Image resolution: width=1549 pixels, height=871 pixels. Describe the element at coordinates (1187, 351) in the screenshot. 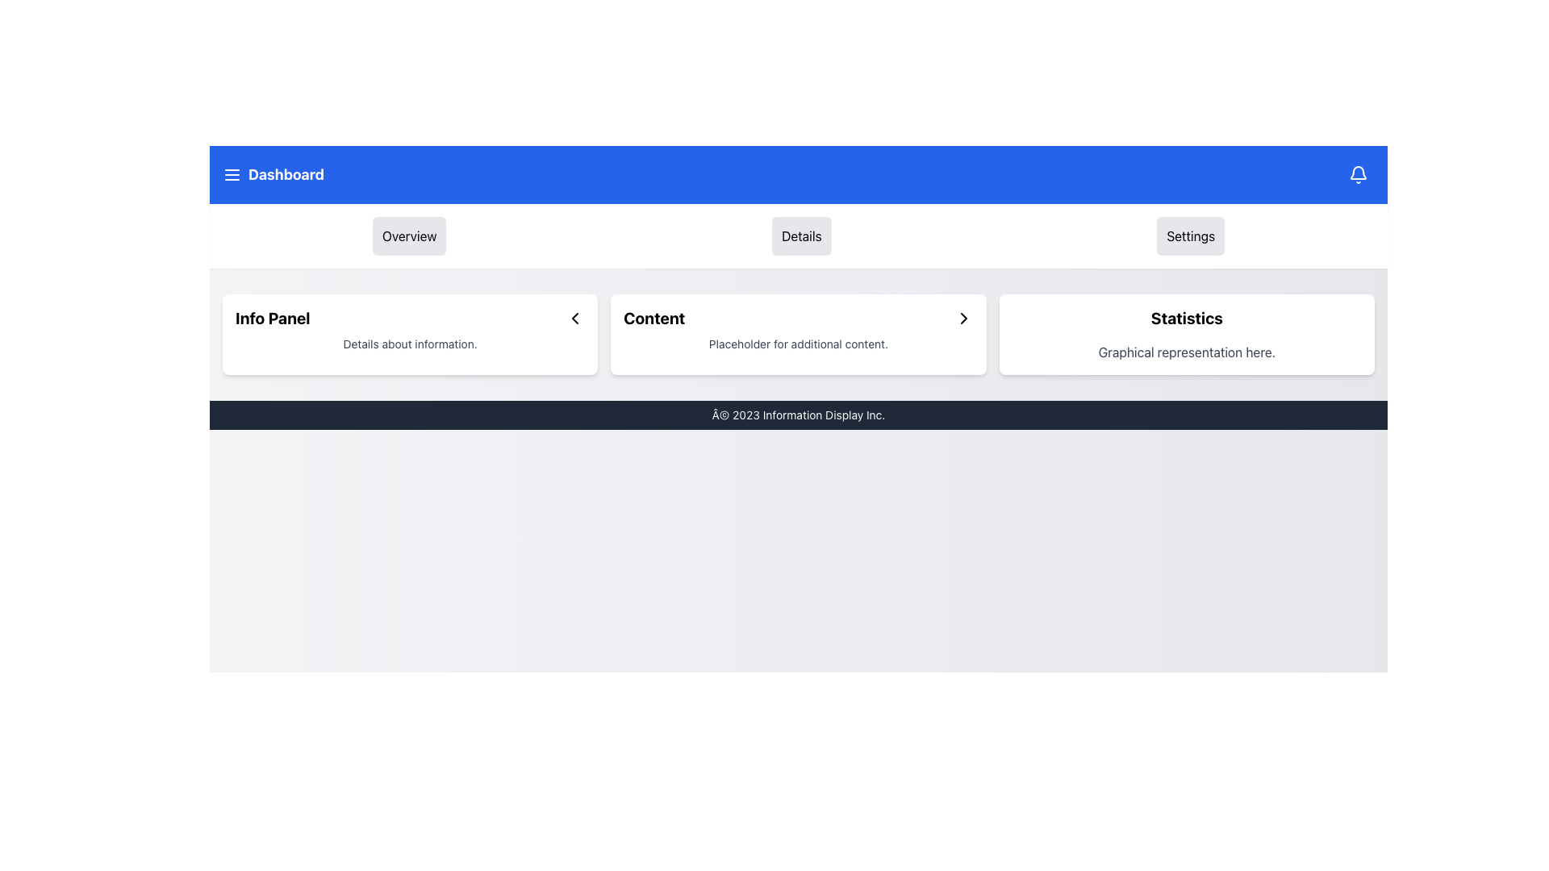

I see `the descriptive label indicating graphical content or data visualization located at the bottom of the 'Statistics' card` at that location.